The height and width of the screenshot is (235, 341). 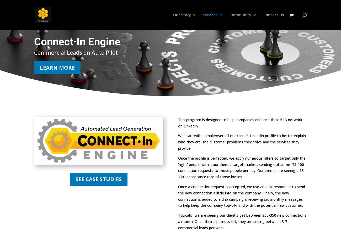 What do you see at coordinates (225, 73) in the screenshot?
I see `'Chatbot Automation'` at bounding box center [225, 73].